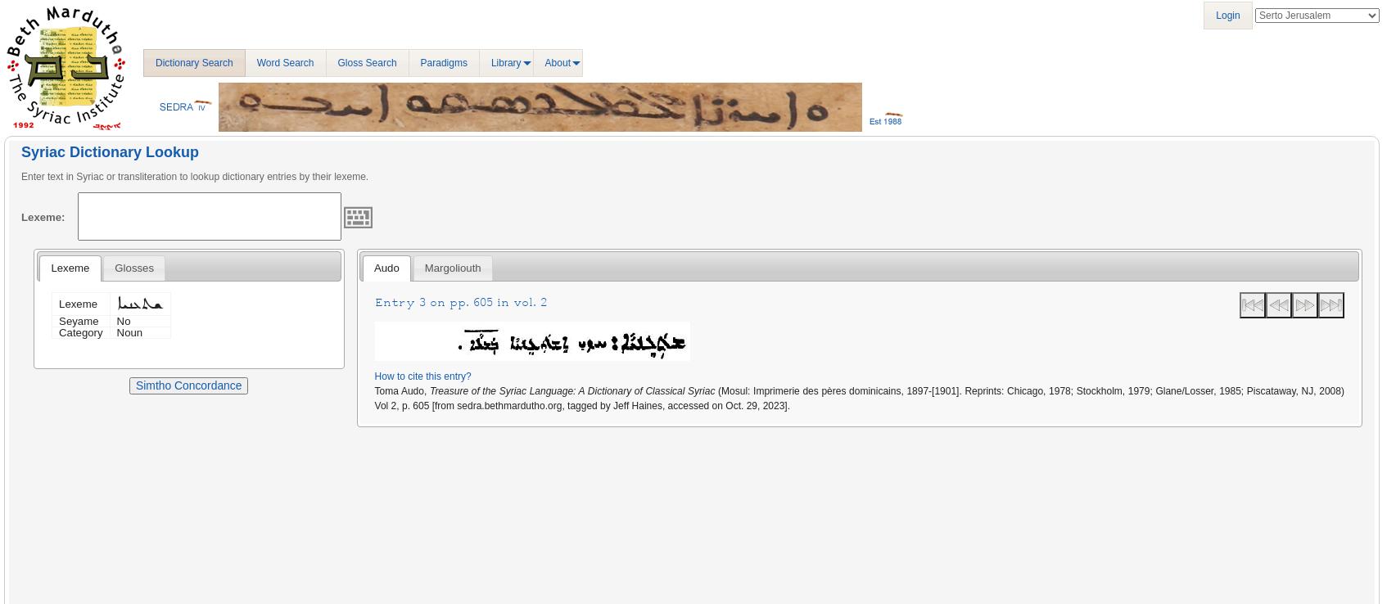 This screenshot has height=604, width=1396. I want to click on 'No', so click(123, 319).